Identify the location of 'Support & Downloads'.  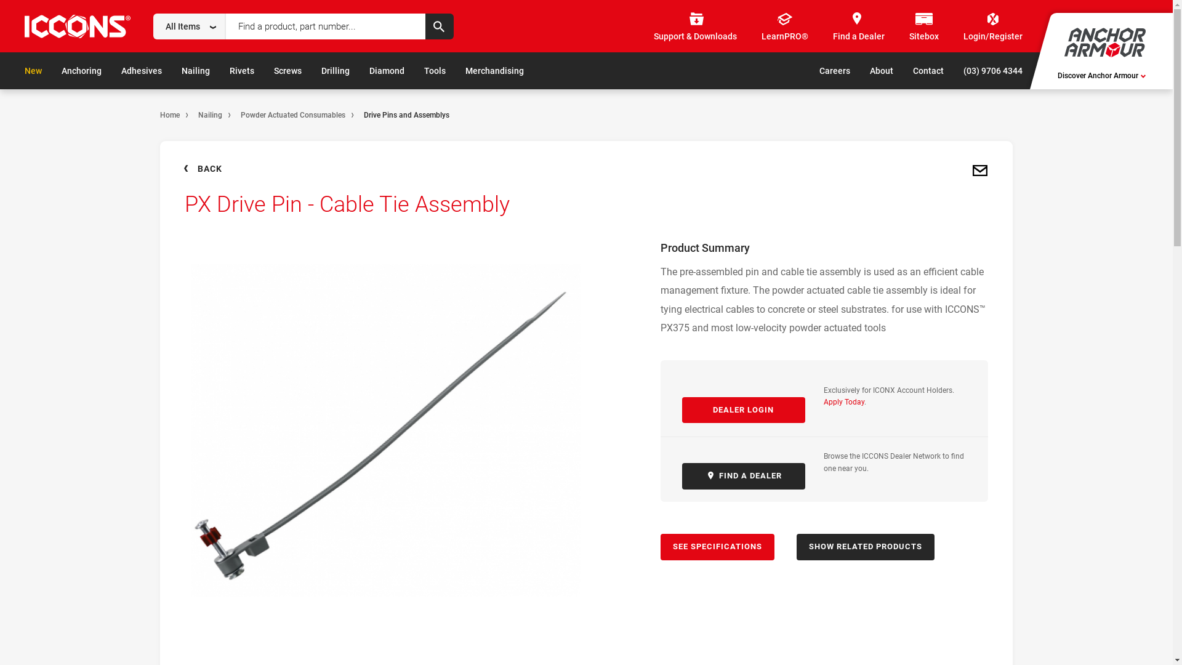
(695, 26).